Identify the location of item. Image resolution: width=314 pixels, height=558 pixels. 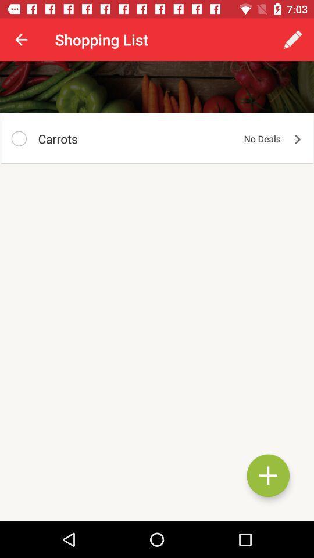
(268, 475).